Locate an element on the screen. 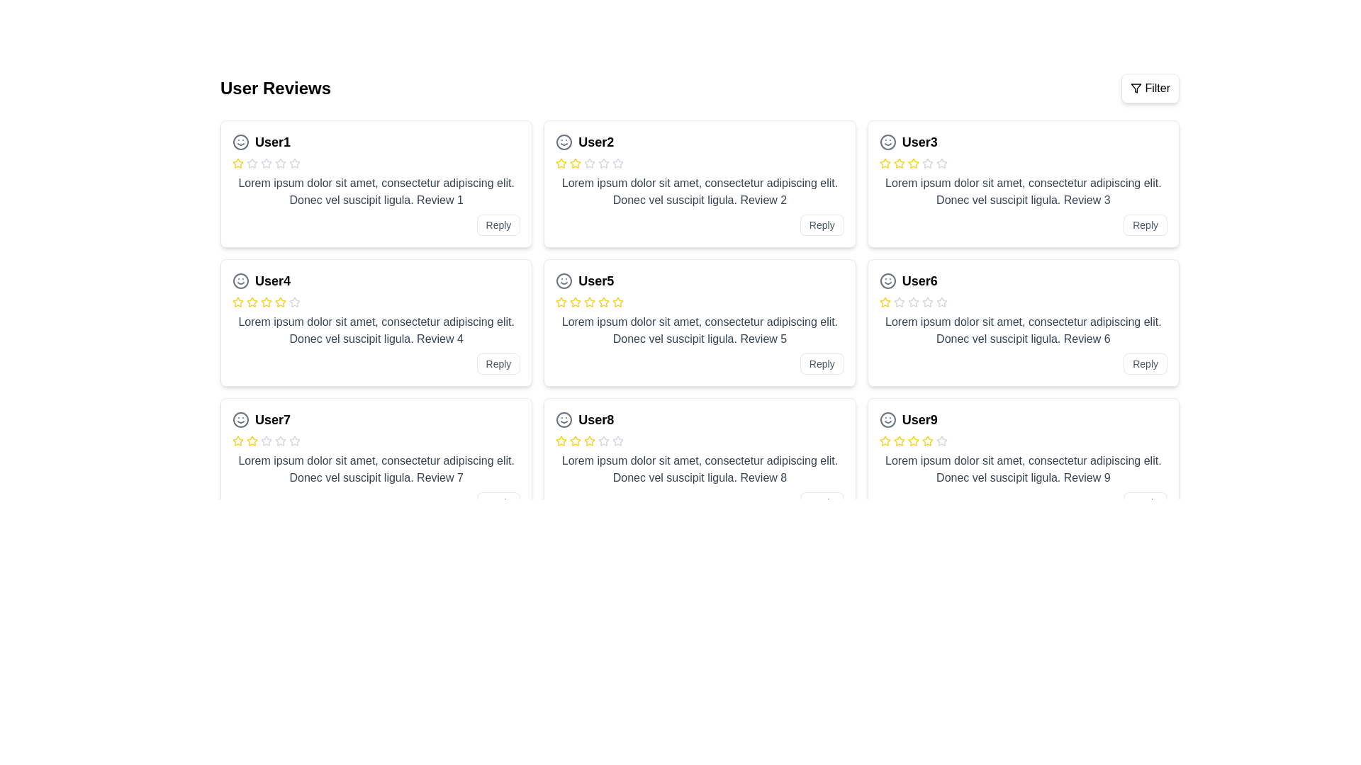 This screenshot has height=765, width=1361. the second star icon used for ratings in the review card associated with 'User1' is located at coordinates (266, 162).